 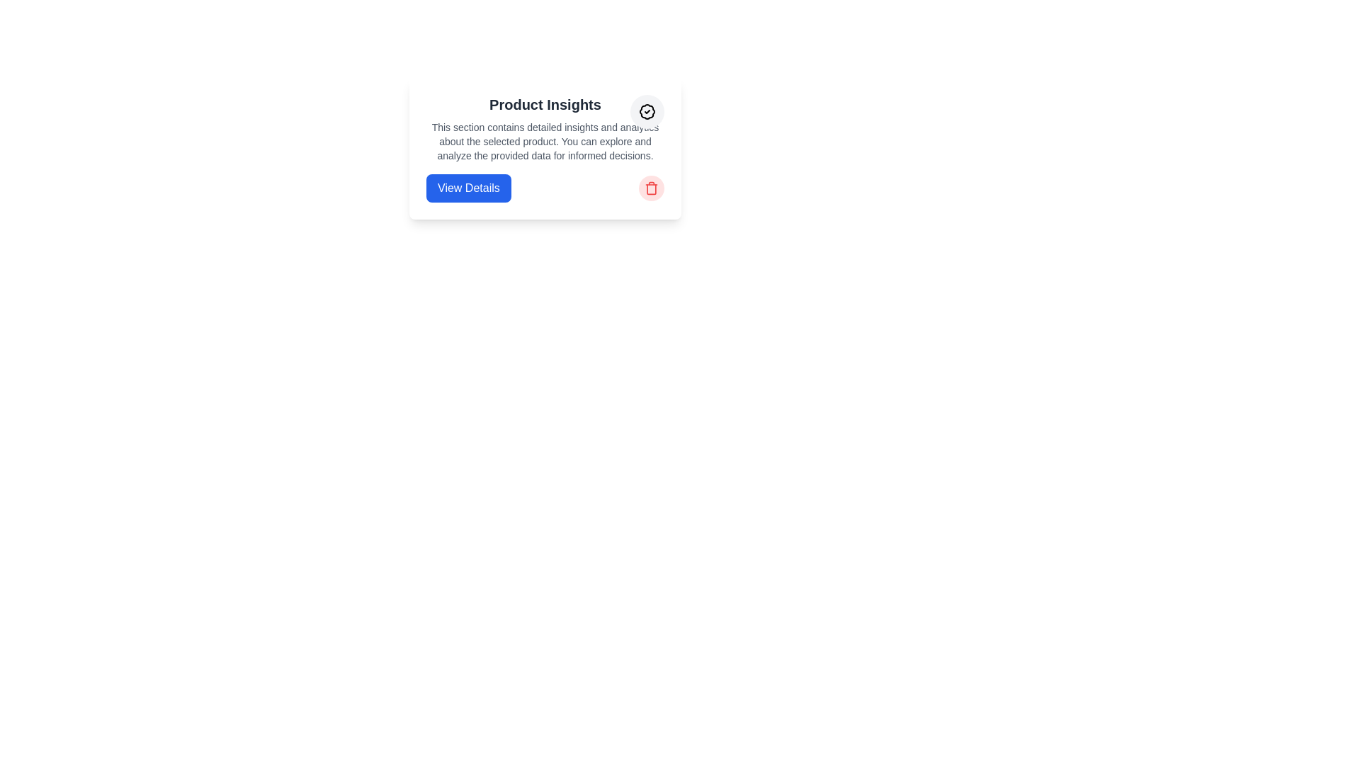 I want to click on the circular icon with a blue checkmark badge located in the top-right corner of the 'Product Insights' card, so click(x=646, y=111).